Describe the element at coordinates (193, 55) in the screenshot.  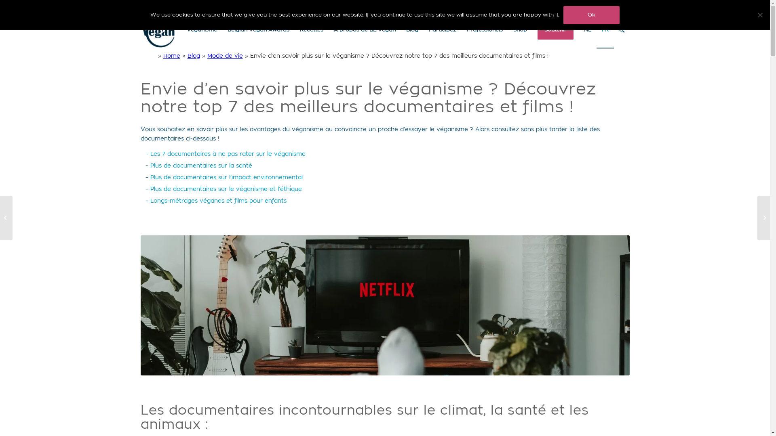
I see `'Blog'` at that location.